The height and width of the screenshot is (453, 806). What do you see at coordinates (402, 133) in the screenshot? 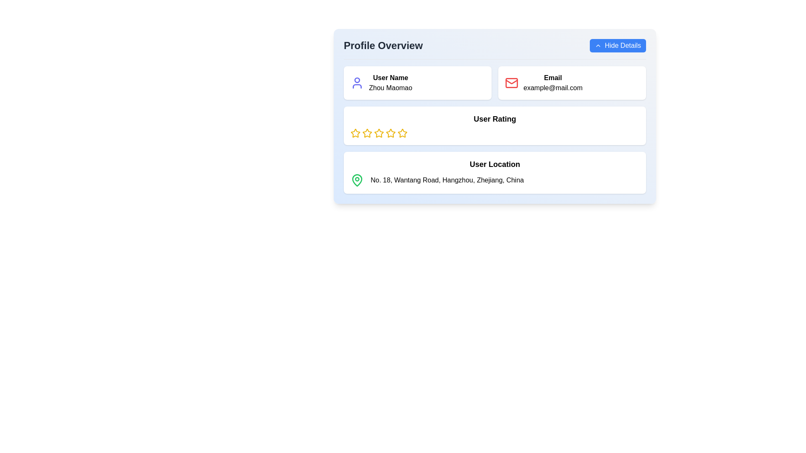
I see `the fifth star icon in the 'User Rating' section under the 'Profile Overview' heading to indicate a rating` at bounding box center [402, 133].